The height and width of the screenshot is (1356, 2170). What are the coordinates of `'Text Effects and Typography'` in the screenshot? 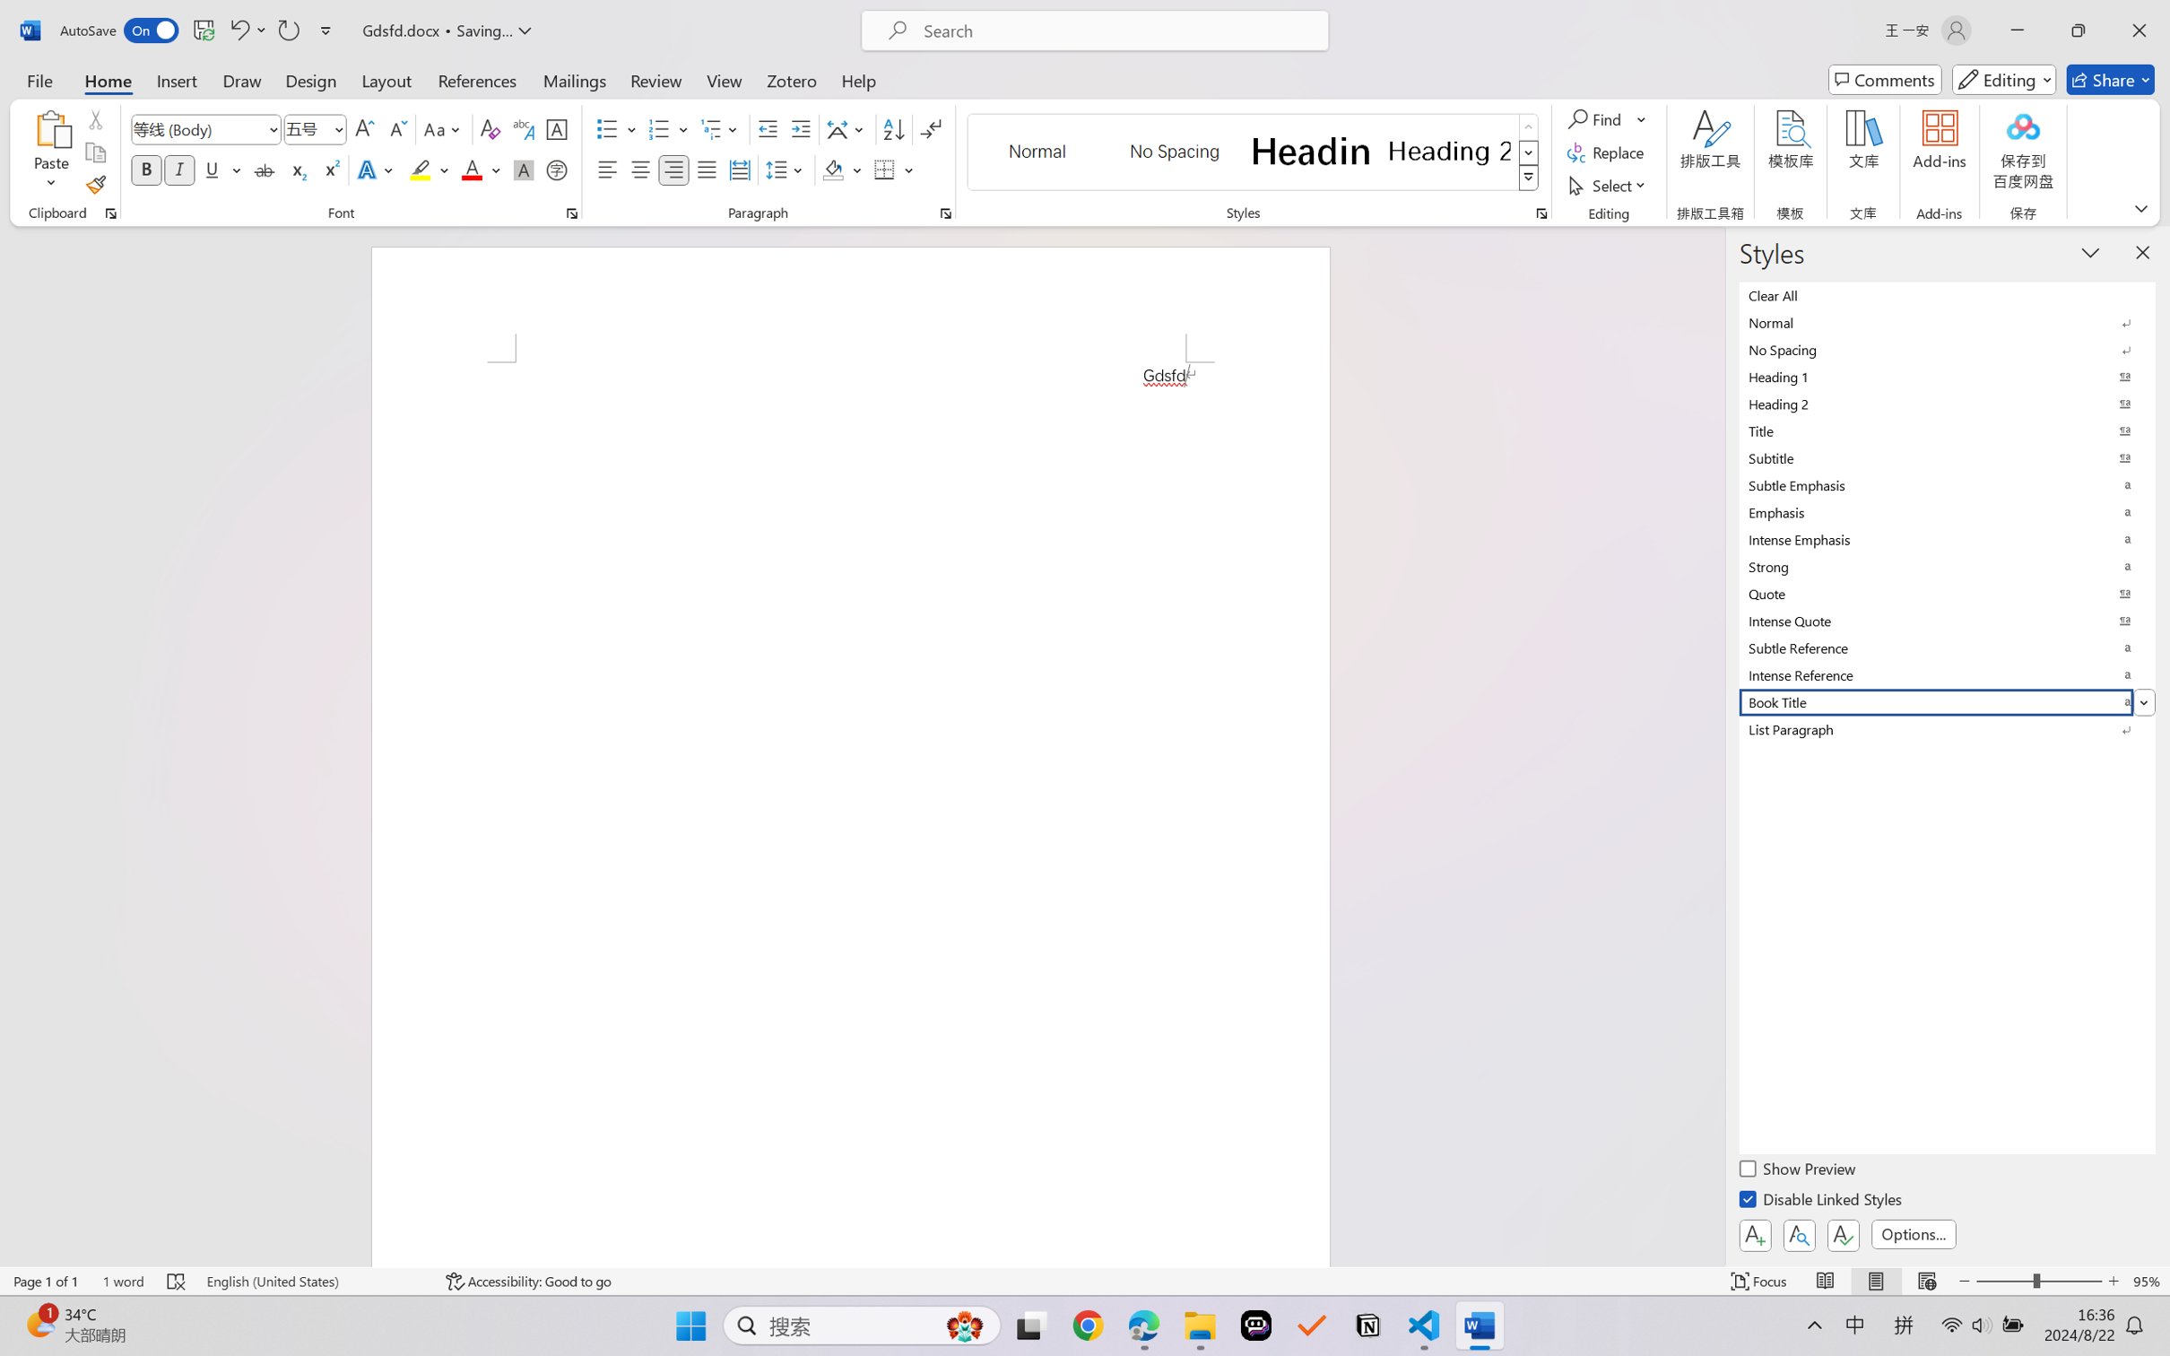 It's located at (377, 169).